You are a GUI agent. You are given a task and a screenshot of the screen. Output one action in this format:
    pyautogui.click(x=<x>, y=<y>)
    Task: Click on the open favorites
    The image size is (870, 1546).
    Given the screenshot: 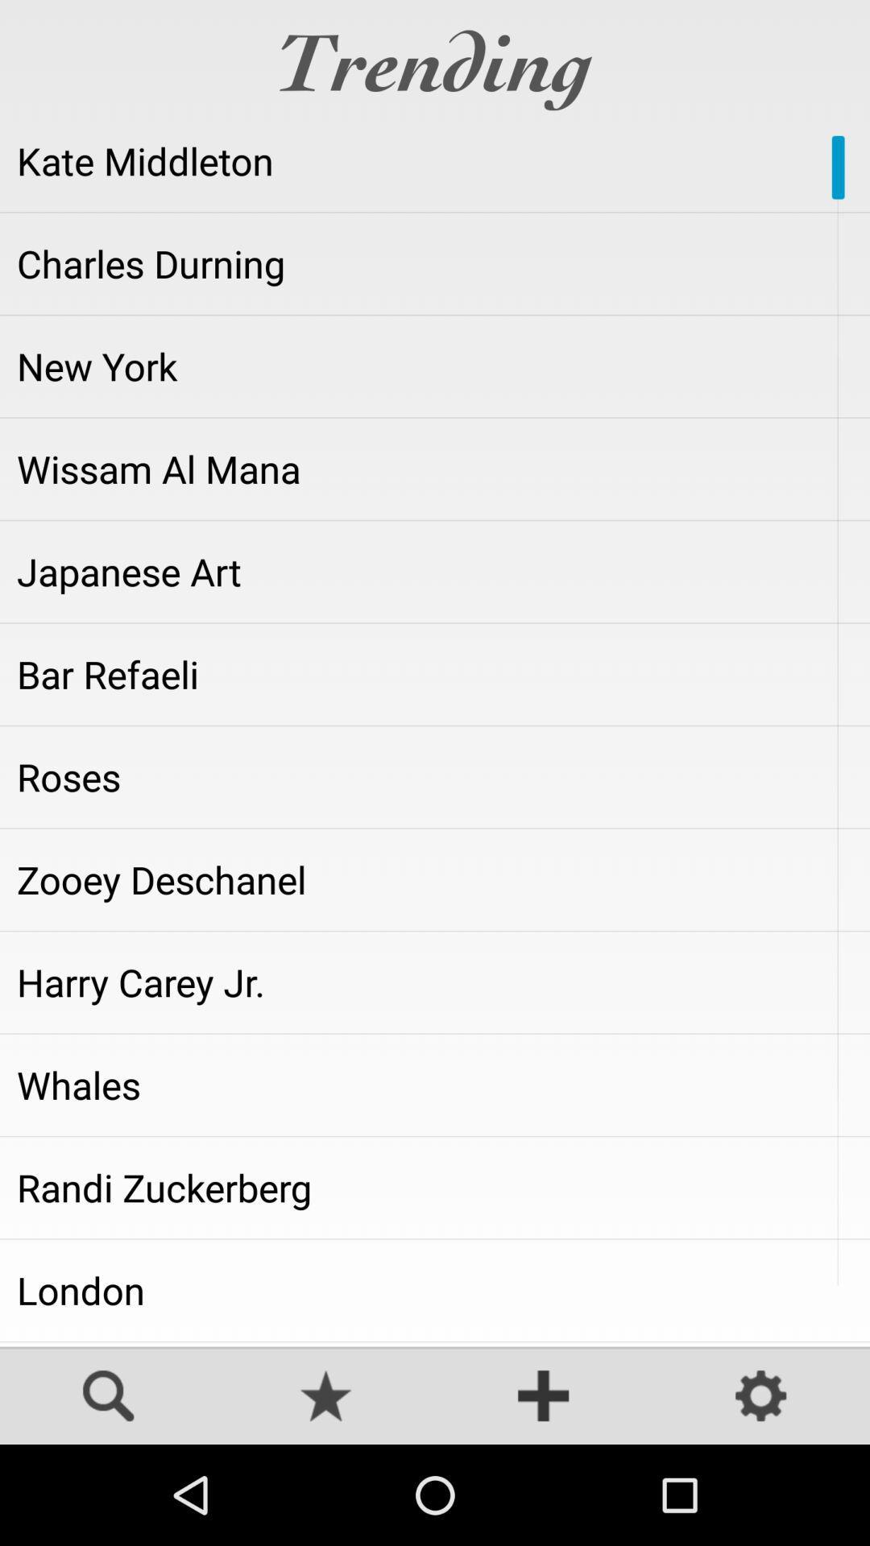 What is the action you would take?
    pyautogui.click(x=326, y=1397)
    